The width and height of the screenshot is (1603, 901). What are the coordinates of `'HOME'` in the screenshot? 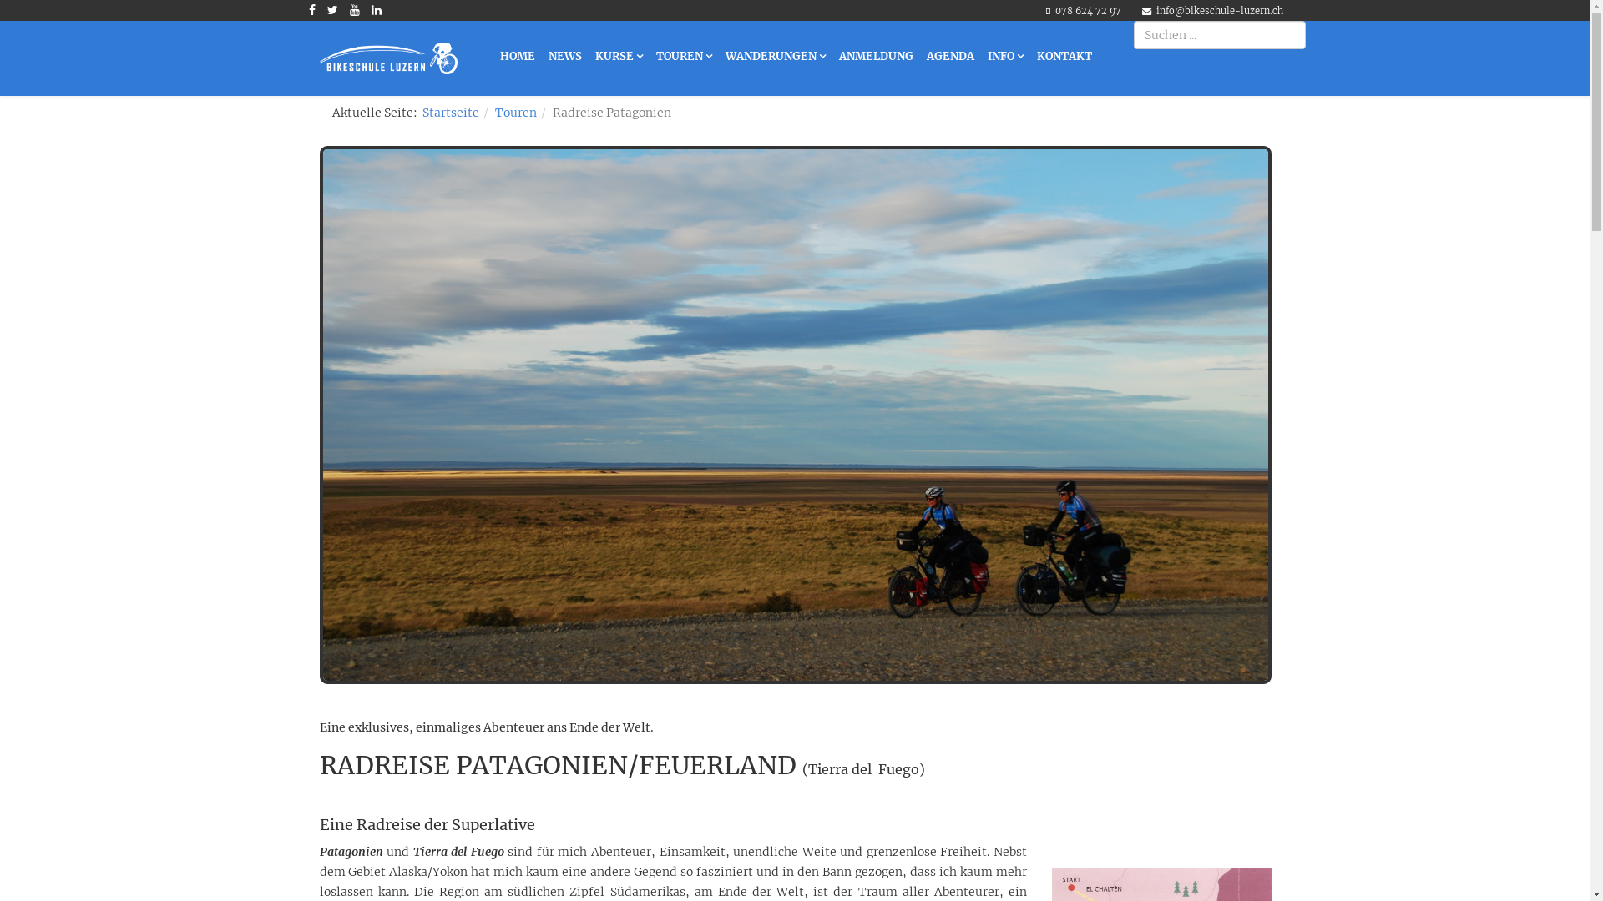 It's located at (516, 56).